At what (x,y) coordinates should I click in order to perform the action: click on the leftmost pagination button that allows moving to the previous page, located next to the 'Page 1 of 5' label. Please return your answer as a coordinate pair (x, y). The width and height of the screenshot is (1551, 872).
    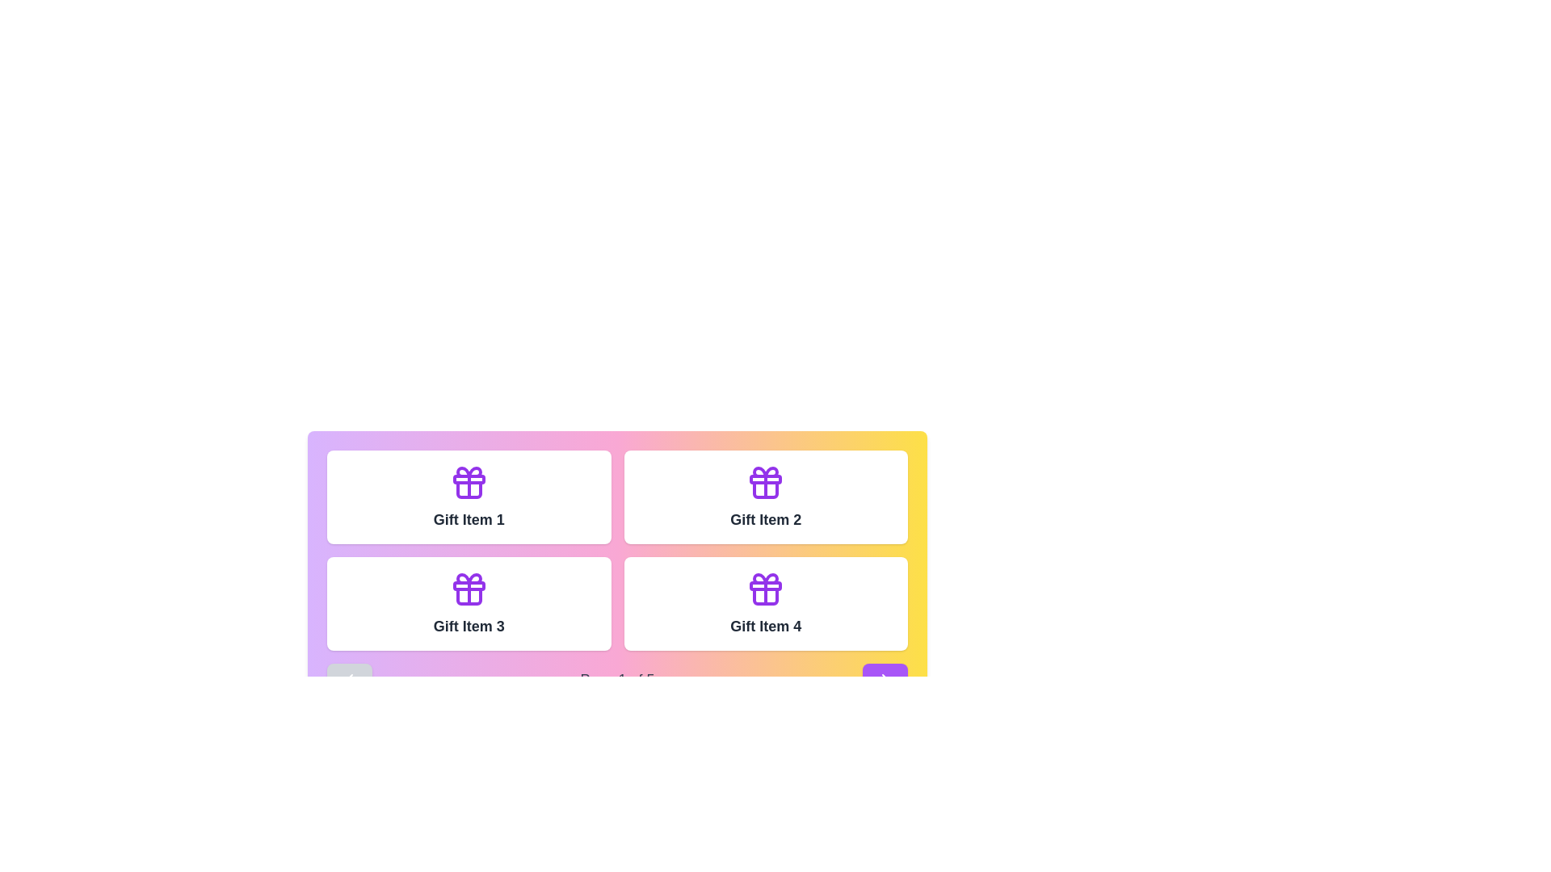
    Looking at the image, I should click on (348, 679).